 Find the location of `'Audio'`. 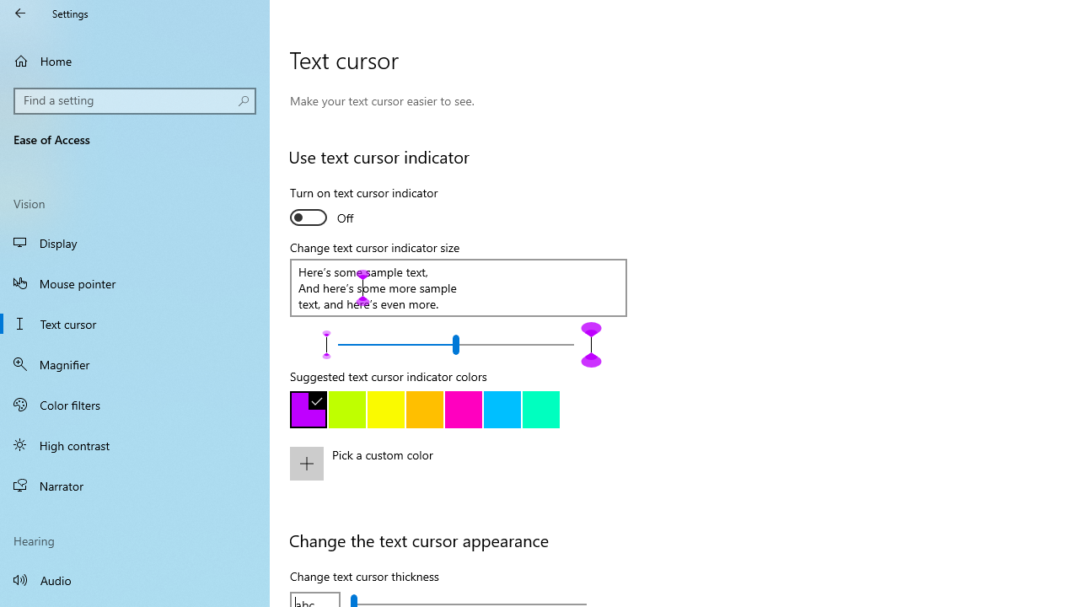

'Audio' is located at coordinates (135, 578).